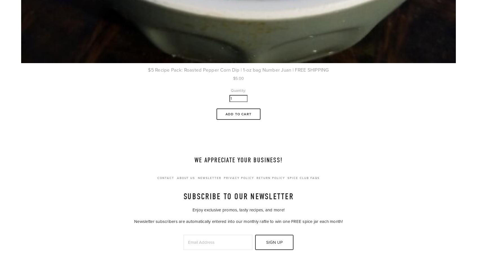 This screenshot has height=279, width=477. I want to click on '$5.00', so click(238, 78).